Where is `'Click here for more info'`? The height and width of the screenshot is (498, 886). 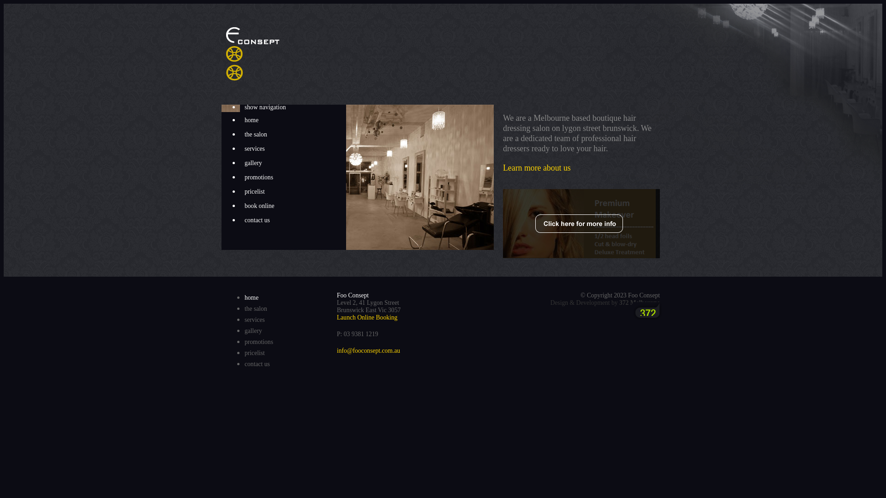 'Click here for more info' is located at coordinates (581, 224).